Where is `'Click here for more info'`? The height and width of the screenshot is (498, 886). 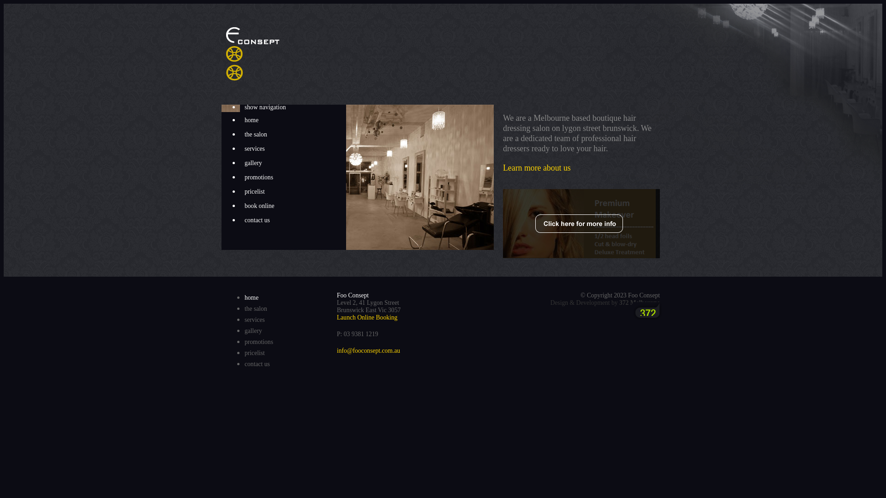 'Click here for more info' is located at coordinates (581, 224).